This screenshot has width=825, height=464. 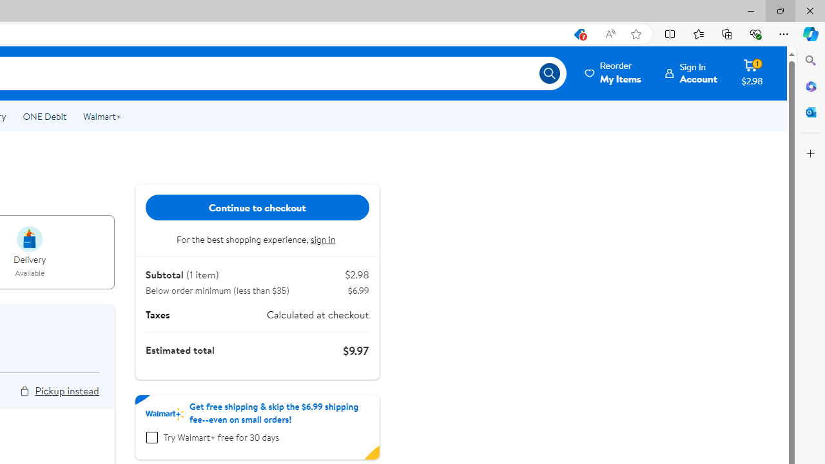 What do you see at coordinates (44, 117) in the screenshot?
I see `'ONE Debit'` at bounding box center [44, 117].